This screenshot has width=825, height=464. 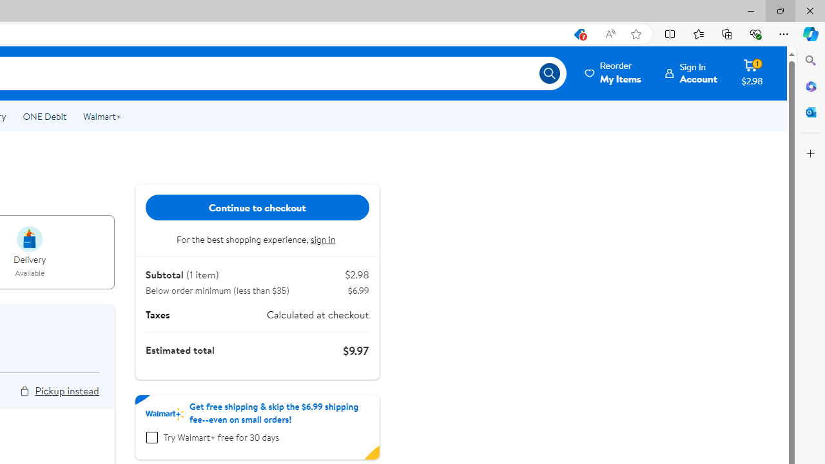 What do you see at coordinates (44, 117) in the screenshot?
I see `'ONE Debit'` at bounding box center [44, 117].